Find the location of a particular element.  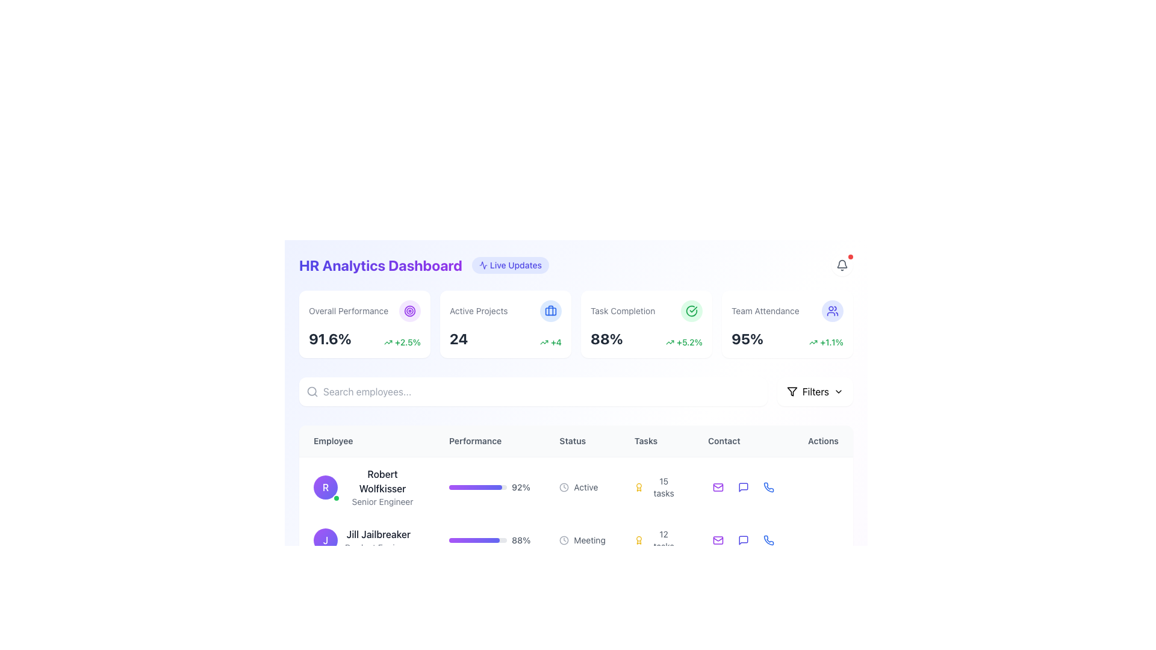

the 'Active Projects' icon, which is located to the right of the heading and aligned with numerical value and percentage indicators is located at coordinates (550, 310).